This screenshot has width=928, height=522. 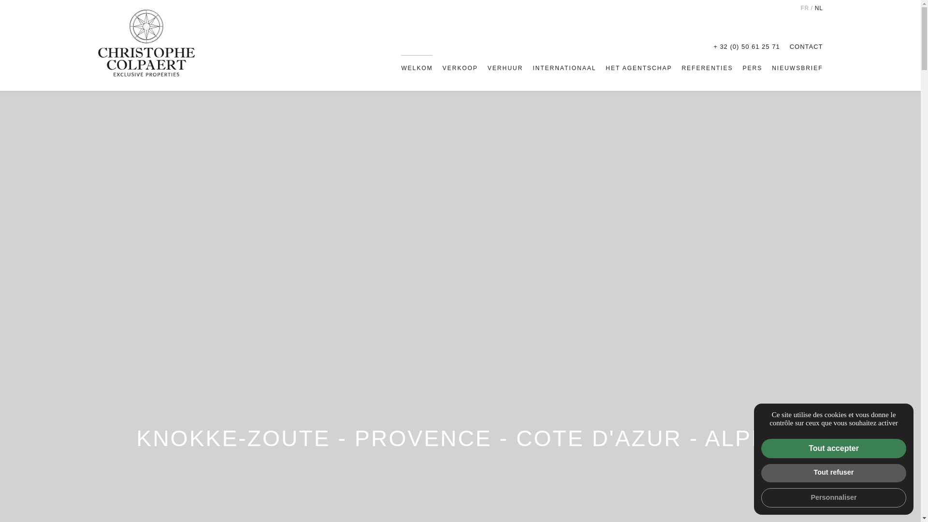 What do you see at coordinates (833, 497) in the screenshot?
I see `'Personnaliser'` at bounding box center [833, 497].